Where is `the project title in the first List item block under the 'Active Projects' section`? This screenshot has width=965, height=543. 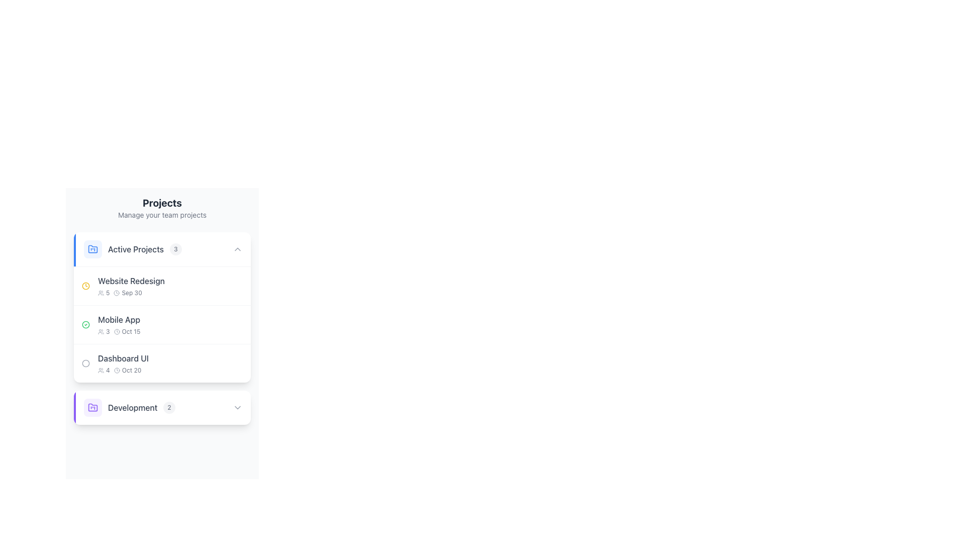
the project title in the first List item block under the 'Active Projects' section is located at coordinates (123, 286).